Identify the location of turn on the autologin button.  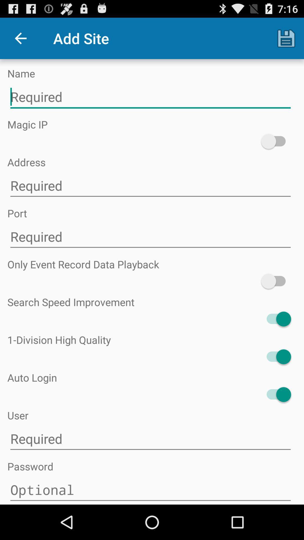
(276, 394).